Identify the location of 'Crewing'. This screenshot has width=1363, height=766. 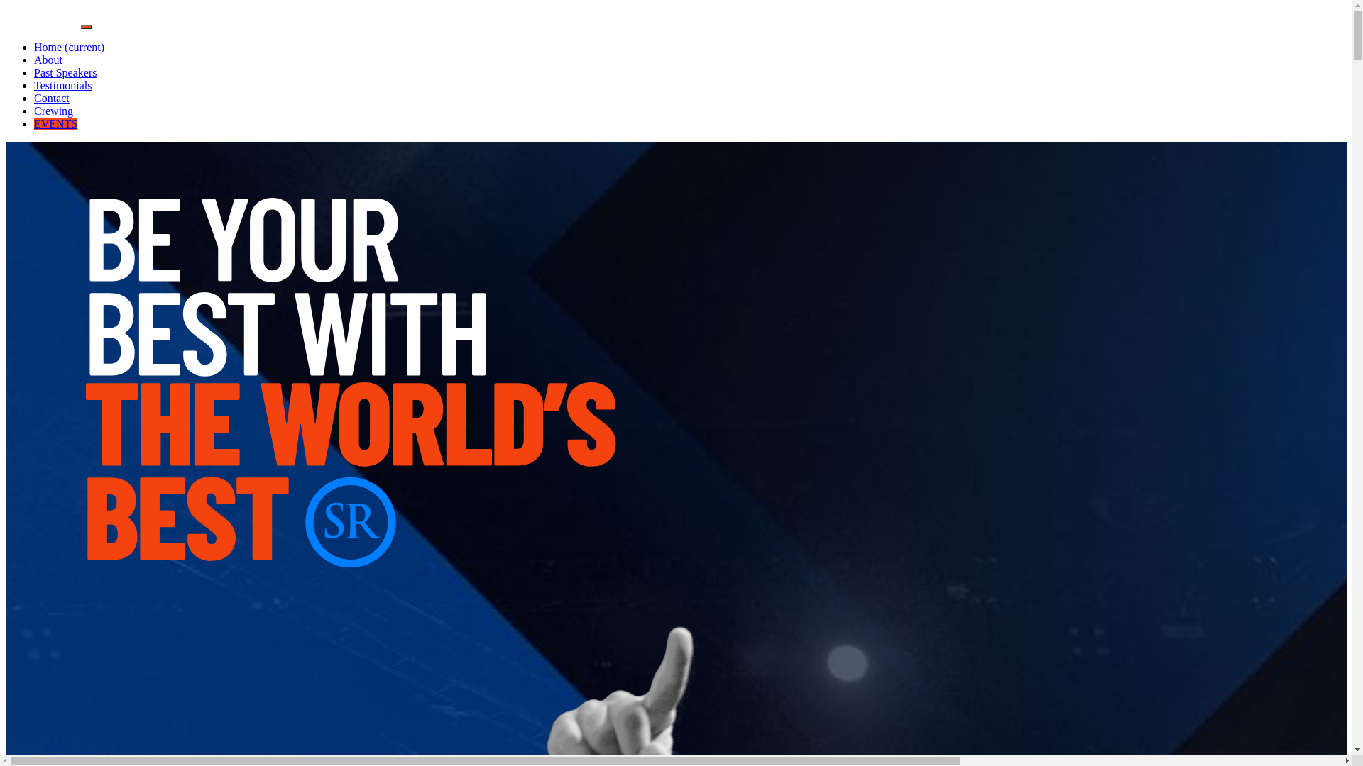
(53, 110).